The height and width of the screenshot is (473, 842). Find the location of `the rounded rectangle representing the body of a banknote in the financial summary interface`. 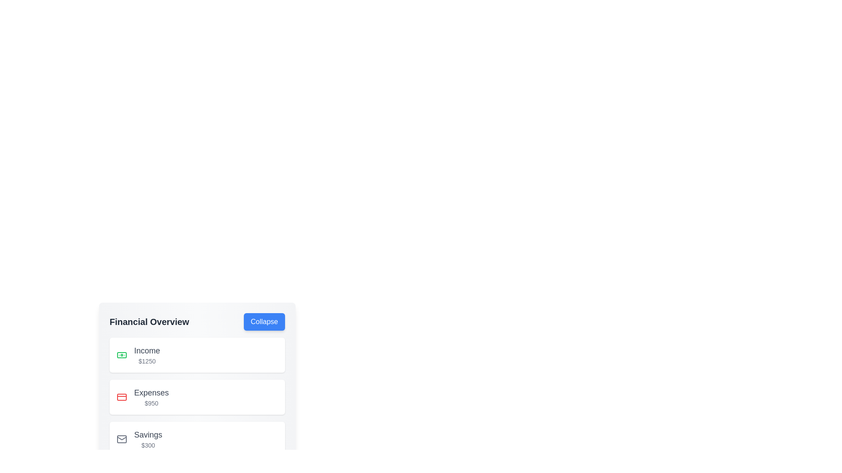

the rounded rectangle representing the body of a banknote in the financial summary interface is located at coordinates (121, 355).